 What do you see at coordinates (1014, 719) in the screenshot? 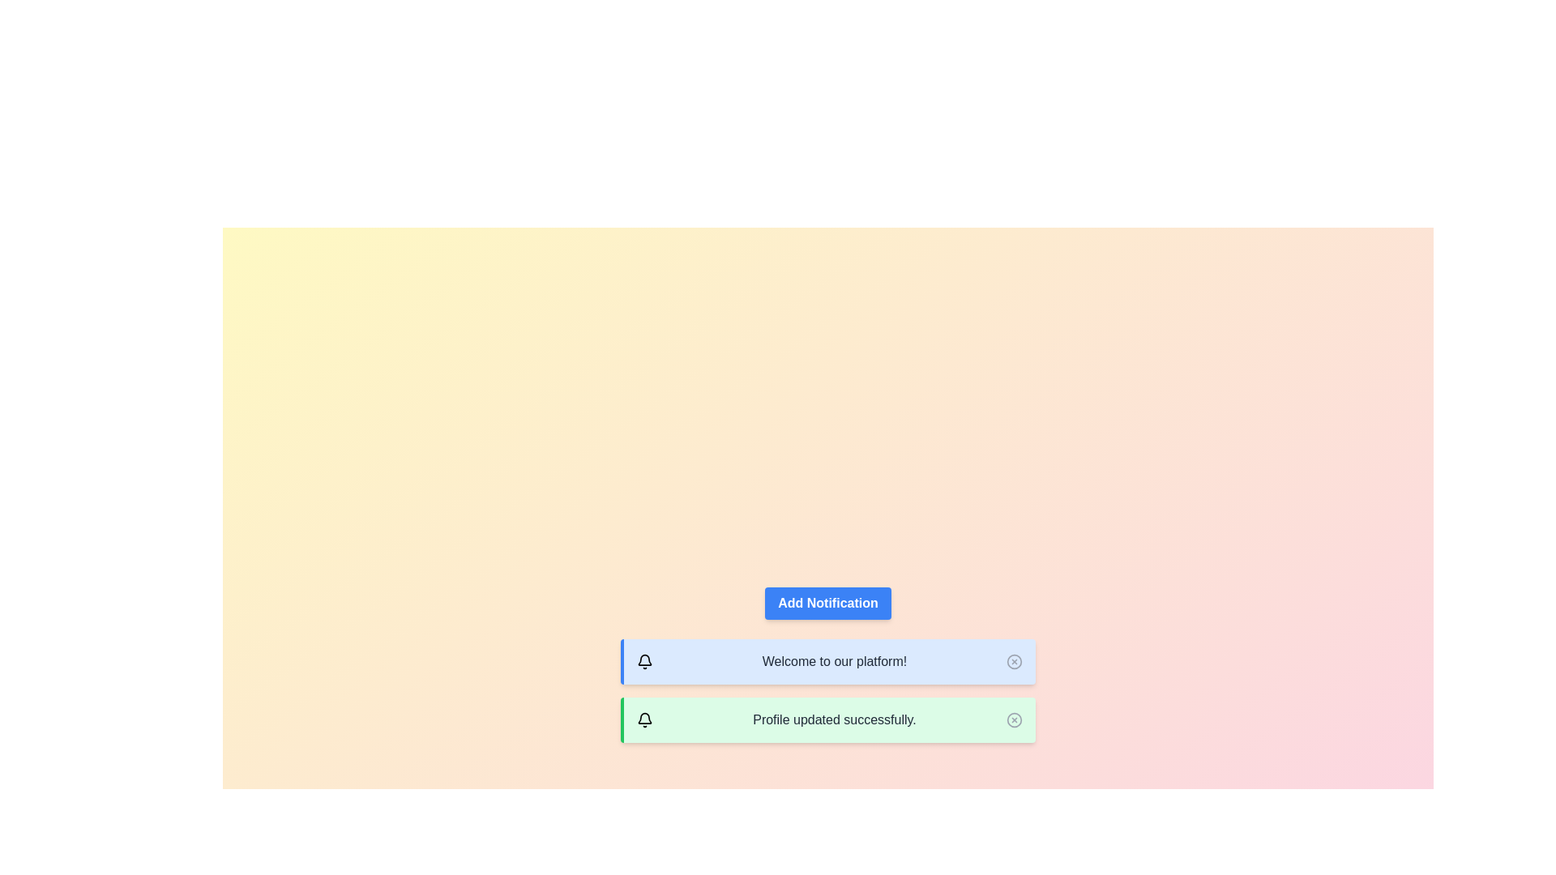
I see `the remove button for the notification with the message 'Profile updated successfully.'` at bounding box center [1014, 719].